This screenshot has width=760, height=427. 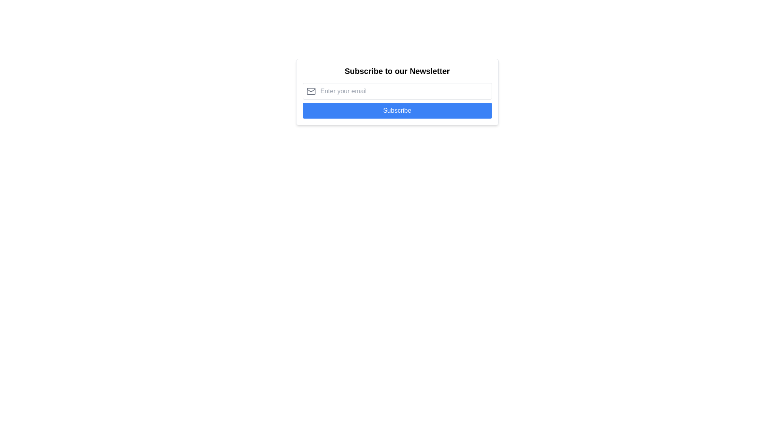 What do you see at coordinates (397, 111) in the screenshot?
I see `the blue button with rounded corners labeled 'Subscribe' to experience its hover effect` at bounding box center [397, 111].